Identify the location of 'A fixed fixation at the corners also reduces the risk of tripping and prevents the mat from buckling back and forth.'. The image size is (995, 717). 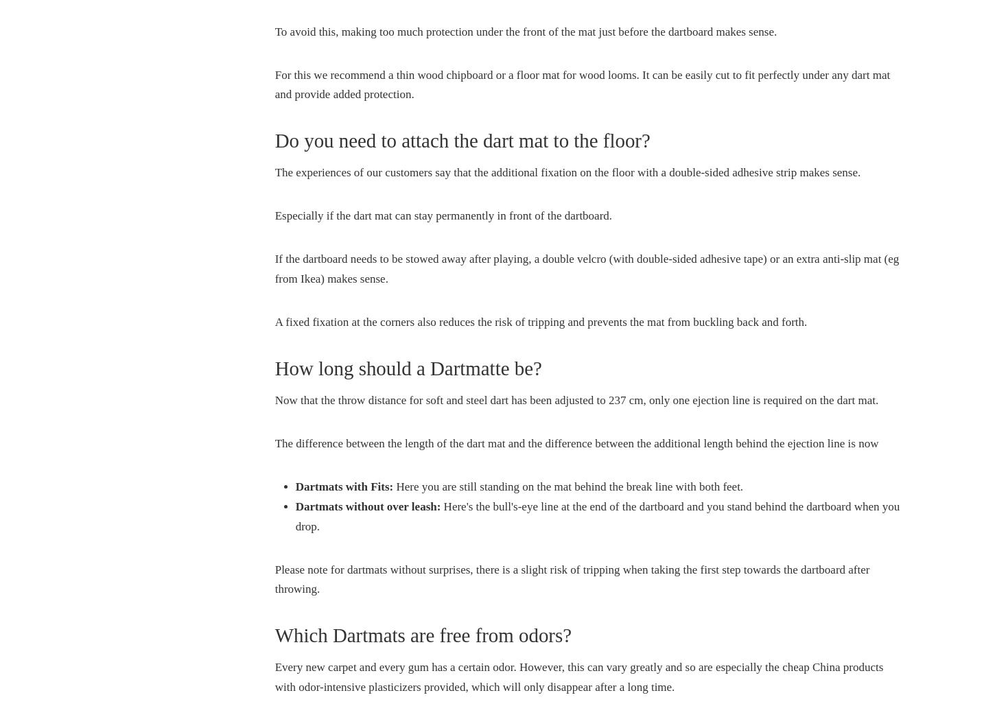
(274, 321).